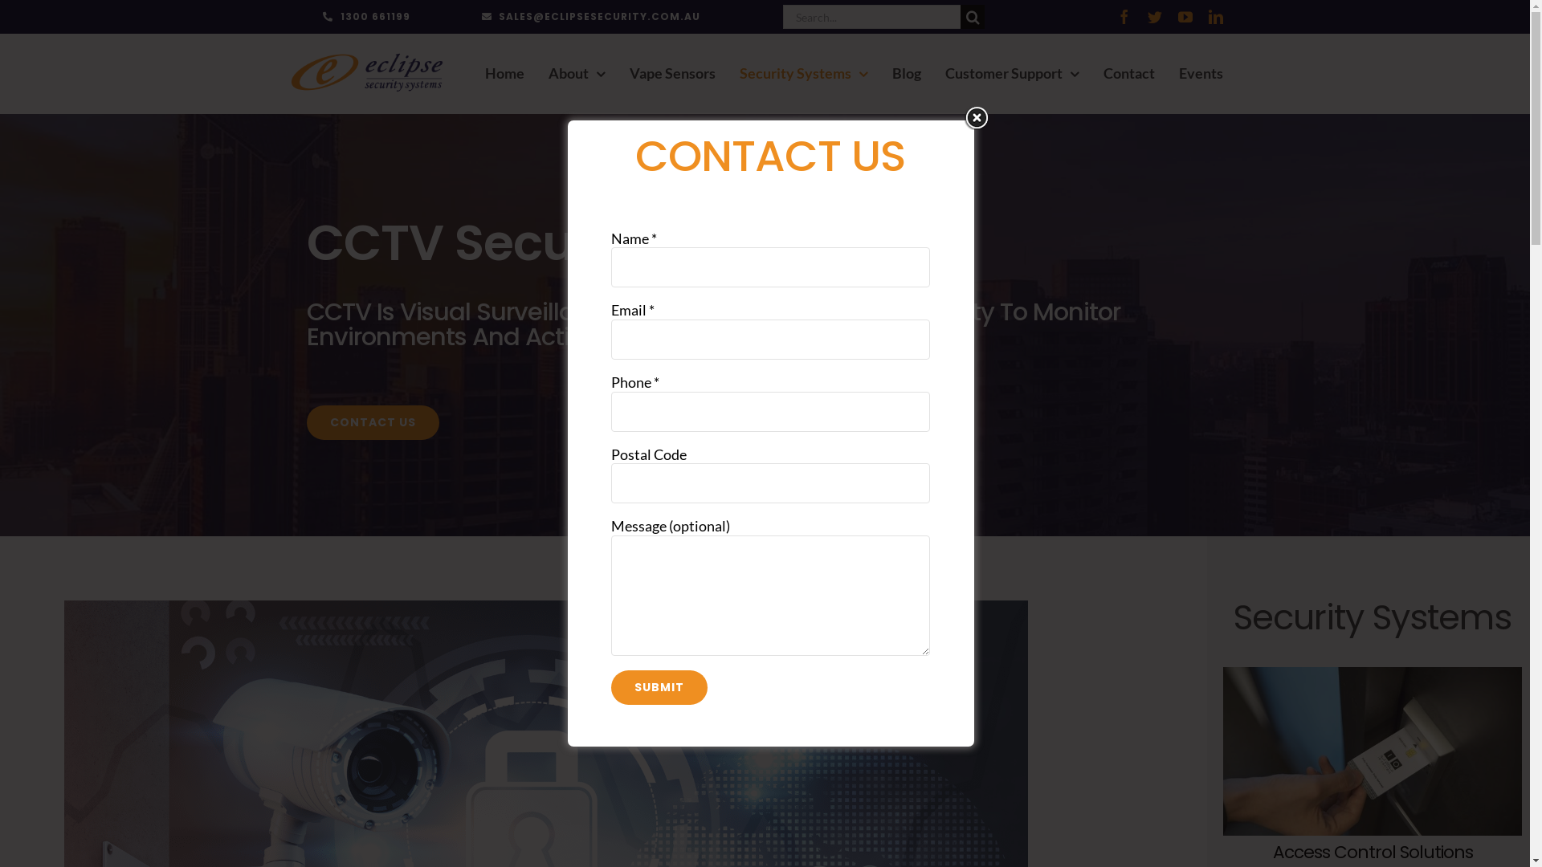 This screenshot has width=1542, height=867. Describe the element at coordinates (1011, 74) in the screenshot. I see `'Customer Support'` at that location.